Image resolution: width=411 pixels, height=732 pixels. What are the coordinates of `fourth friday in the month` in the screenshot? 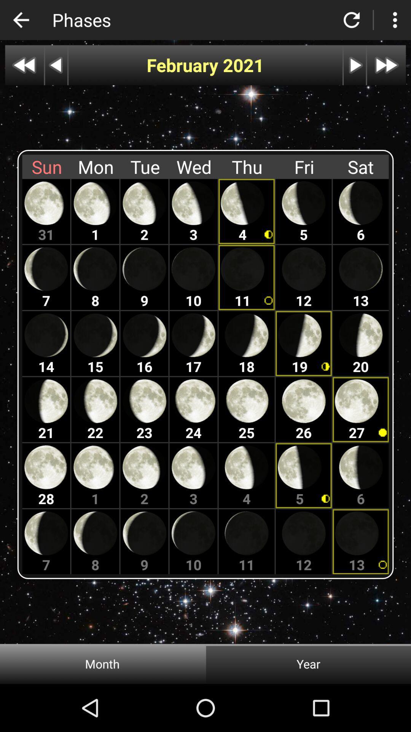 It's located at (303, 409).